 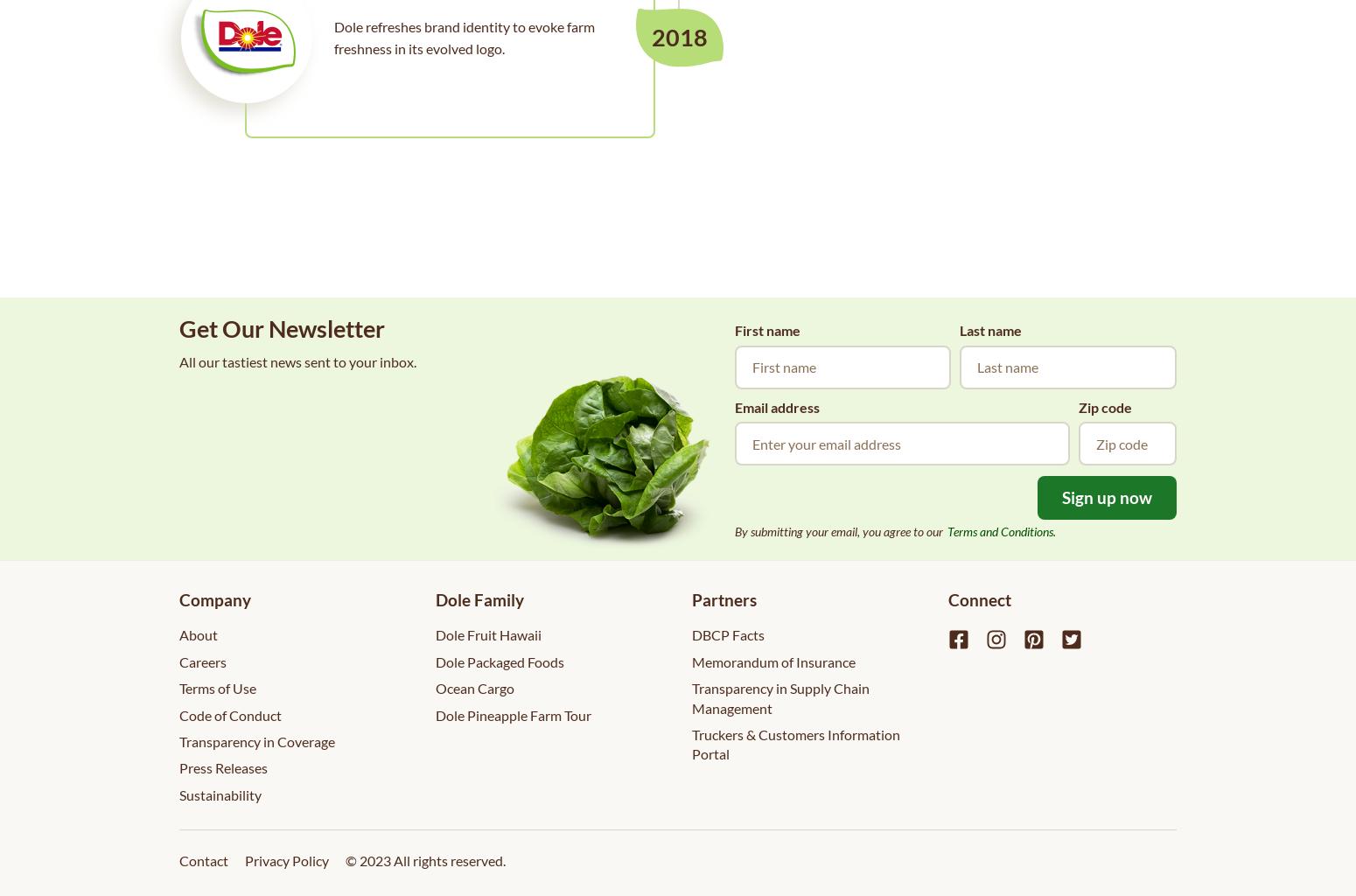 What do you see at coordinates (679, 37) in the screenshot?
I see `'2018'` at bounding box center [679, 37].